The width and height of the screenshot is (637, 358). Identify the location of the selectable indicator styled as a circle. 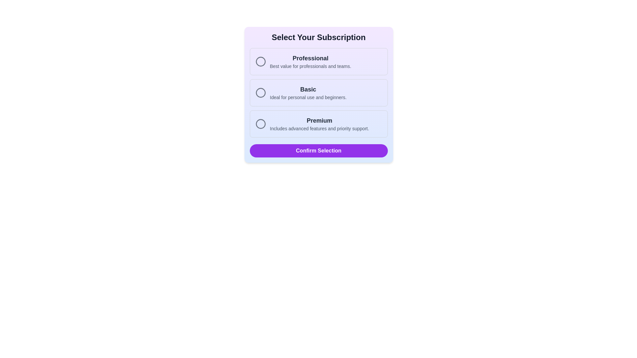
(260, 93).